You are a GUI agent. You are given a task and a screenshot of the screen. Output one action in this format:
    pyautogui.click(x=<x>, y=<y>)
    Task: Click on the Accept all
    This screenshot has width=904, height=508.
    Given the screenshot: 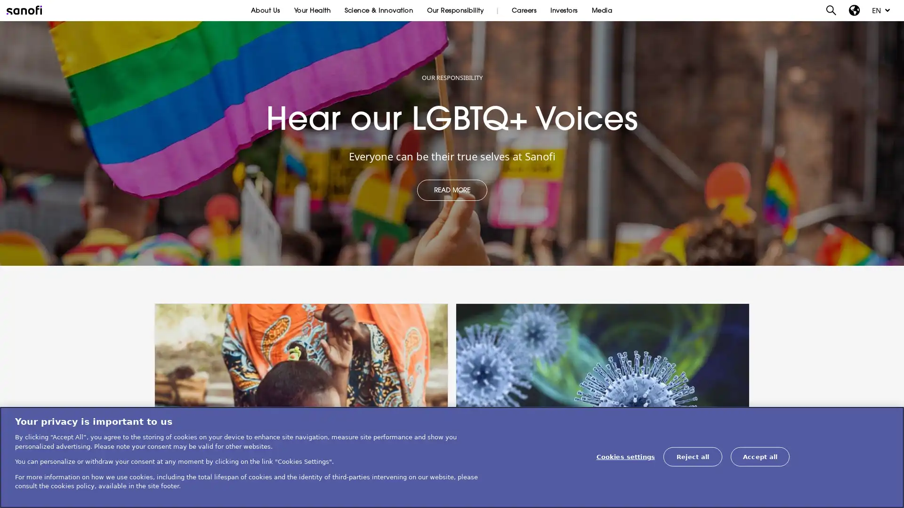 What is the action you would take?
    pyautogui.click(x=760, y=456)
    